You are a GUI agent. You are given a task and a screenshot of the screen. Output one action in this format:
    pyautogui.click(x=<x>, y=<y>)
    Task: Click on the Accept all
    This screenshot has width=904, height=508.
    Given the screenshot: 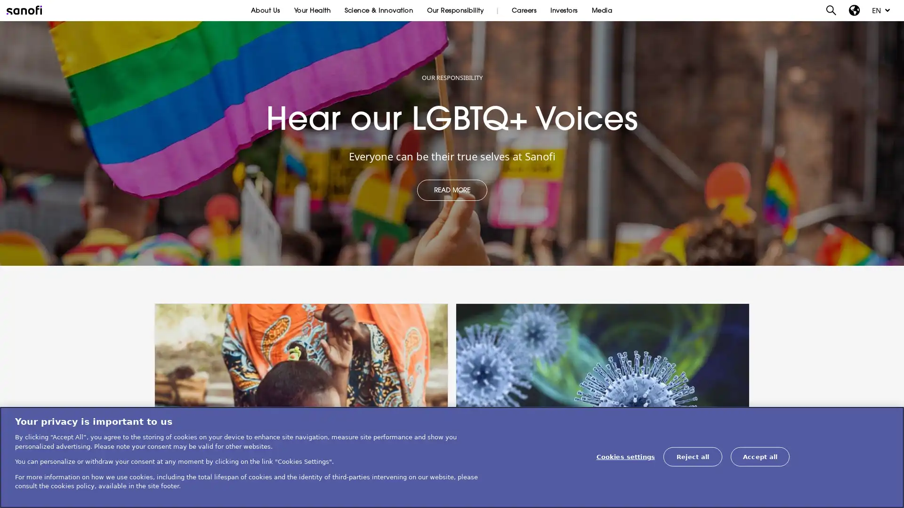 What is the action you would take?
    pyautogui.click(x=760, y=456)
    